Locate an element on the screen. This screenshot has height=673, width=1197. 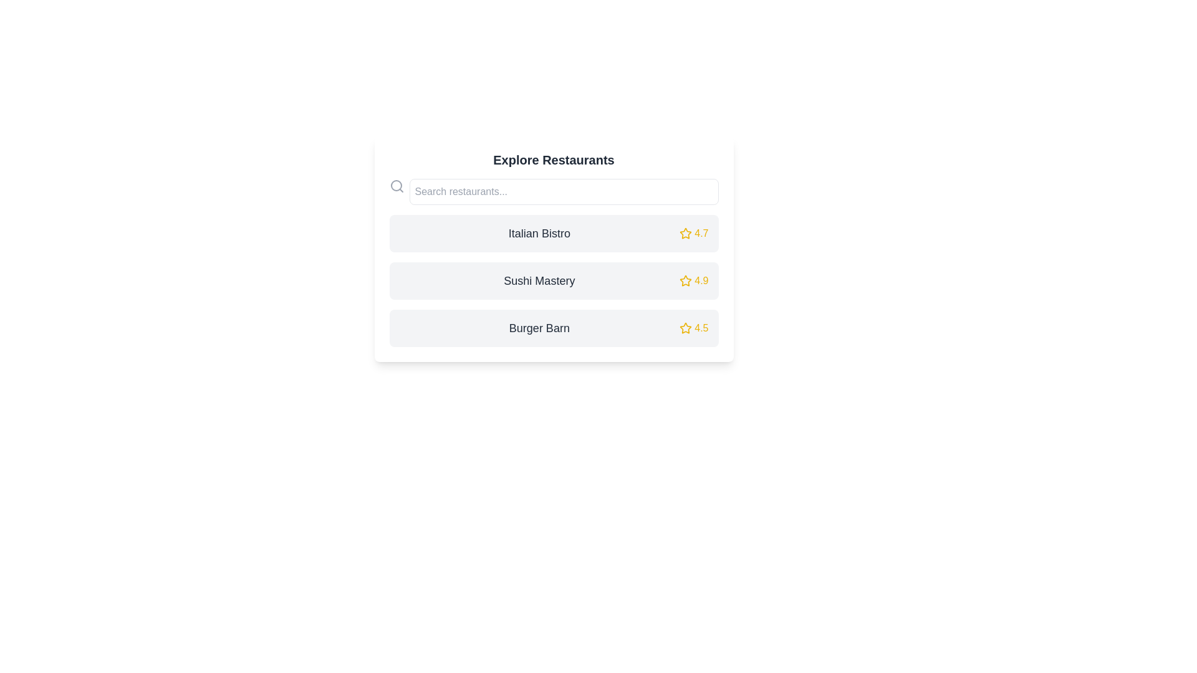
the numerical rating text '4.5' styled in yellow, which is positioned is located at coordinates (701, 328).